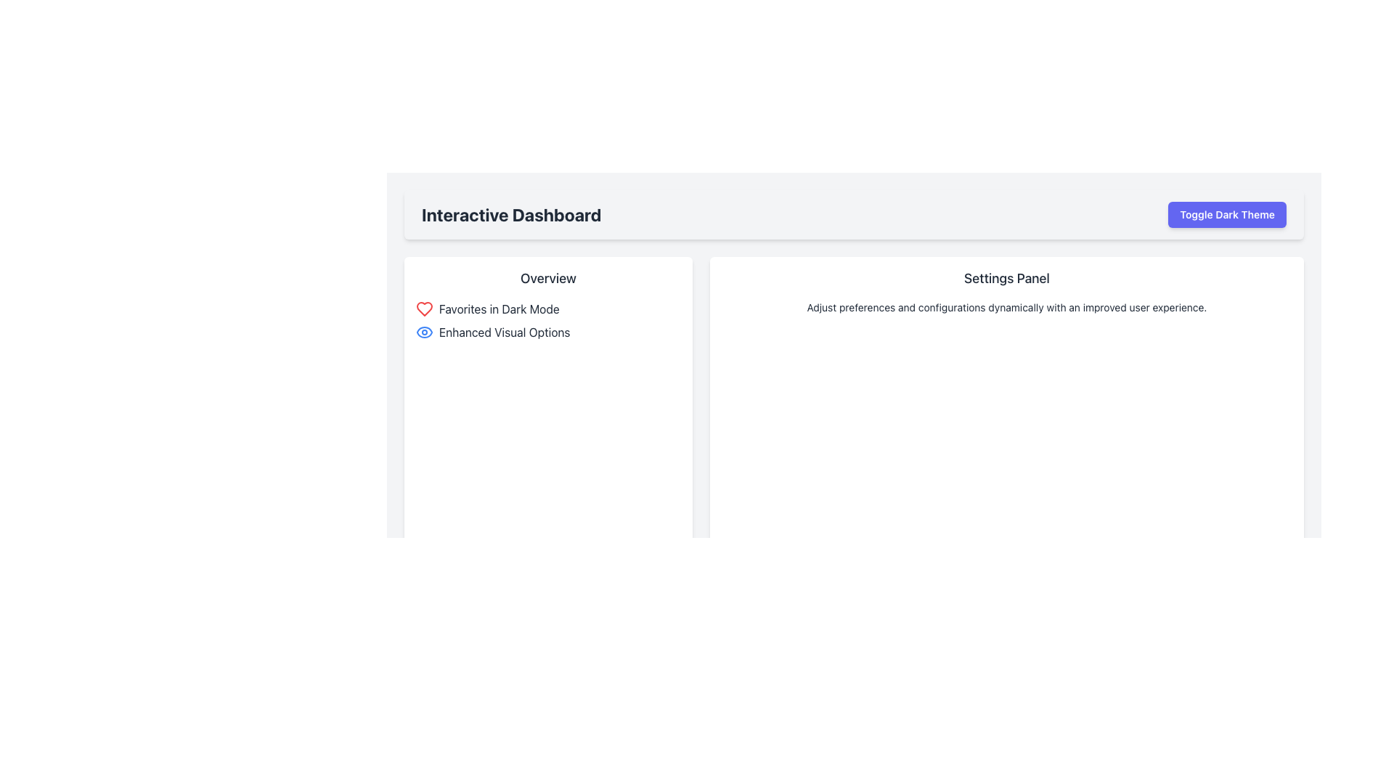 The height and width of the screenshot is (784, 1394). Describe the element at coordinates (547, 332) in the screenshot. I see `text information displayed in the label with an accompanying eye icon, which is part of a vertically-stacked list in the 'Overview' section, positioned below 'Favorites in Dark Mode'` at that location.